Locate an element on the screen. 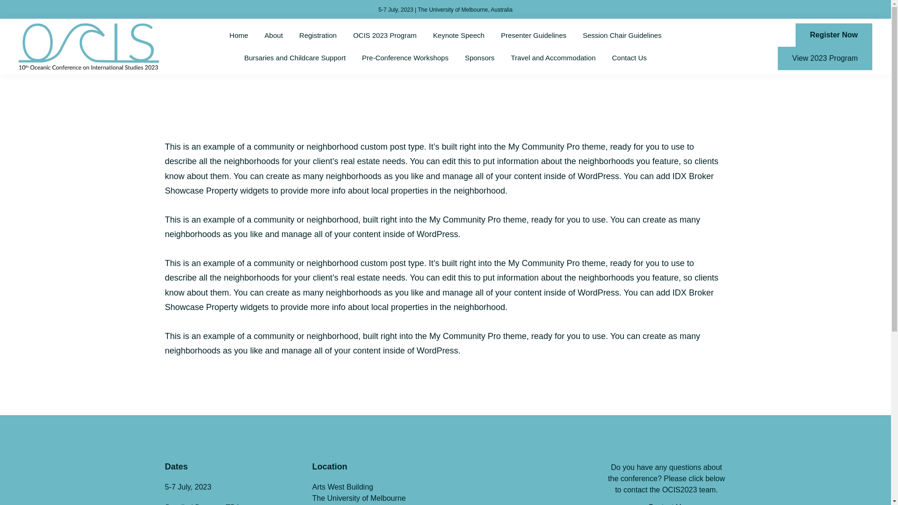  'Register Now' is located at coordinates (833, 34).